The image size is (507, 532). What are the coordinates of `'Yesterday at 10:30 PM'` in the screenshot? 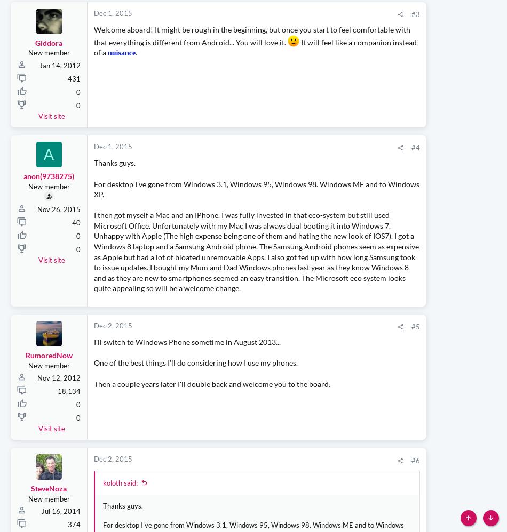 It's located at (355, 191).